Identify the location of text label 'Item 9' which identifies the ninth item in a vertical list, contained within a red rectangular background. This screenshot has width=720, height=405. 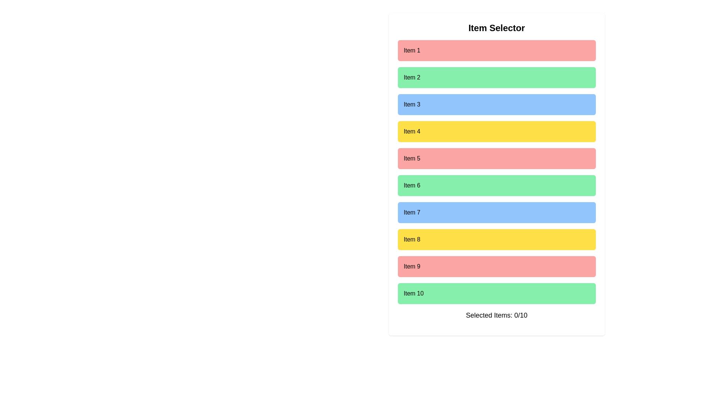
(411, 266).